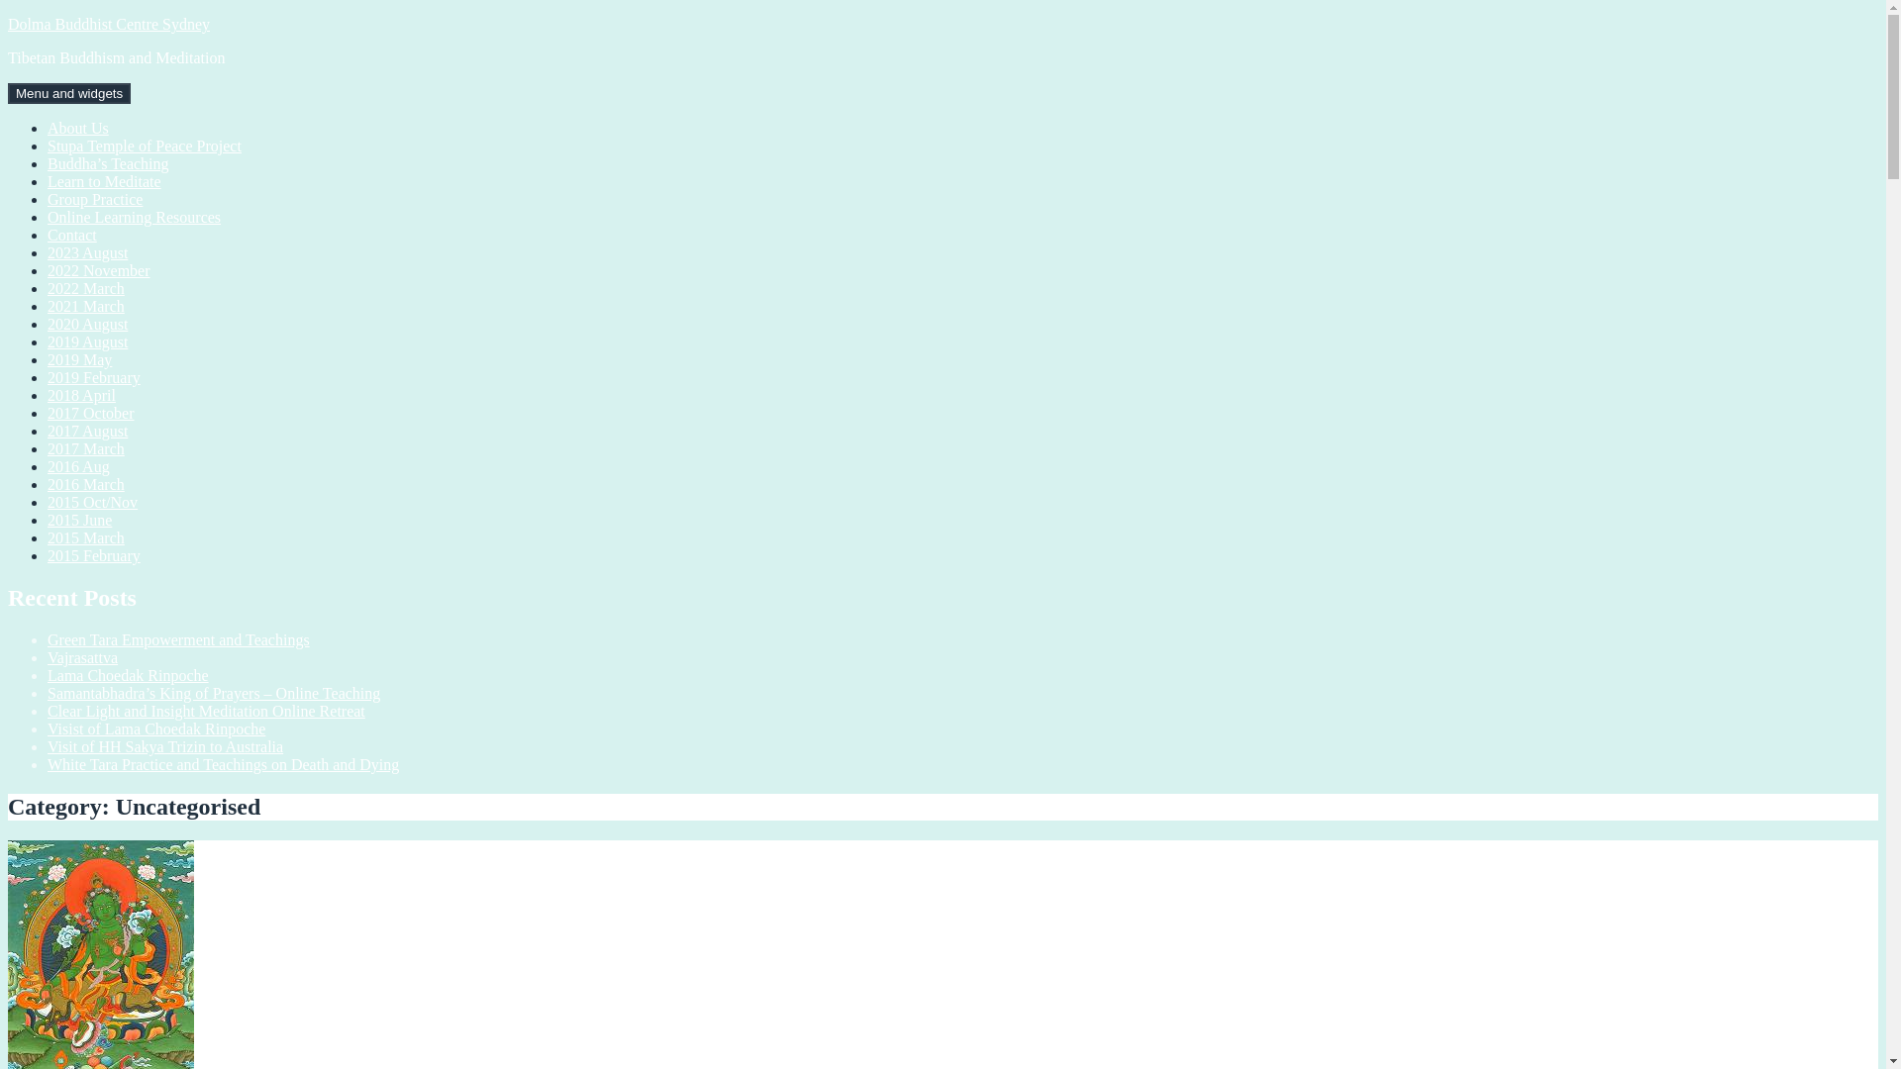 The image size is (1901, 1069). Describe the element at coordinates (48, 657) in the screenshot. I see `'Vajrasattva'` at that location.